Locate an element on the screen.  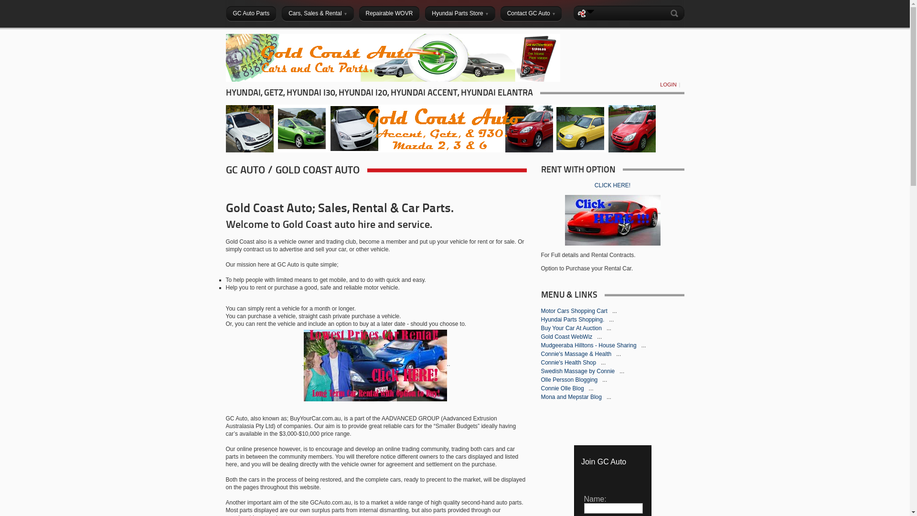
'Cars, Sales & Rental' is located at coordinates (317, 13).